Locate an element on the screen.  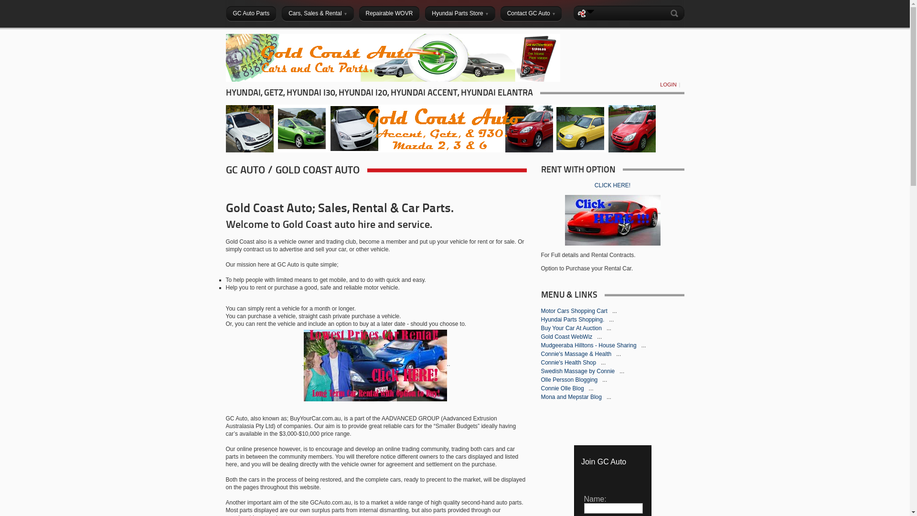
'Cars, Sales & Rental' is located at coordinates (317, 13).